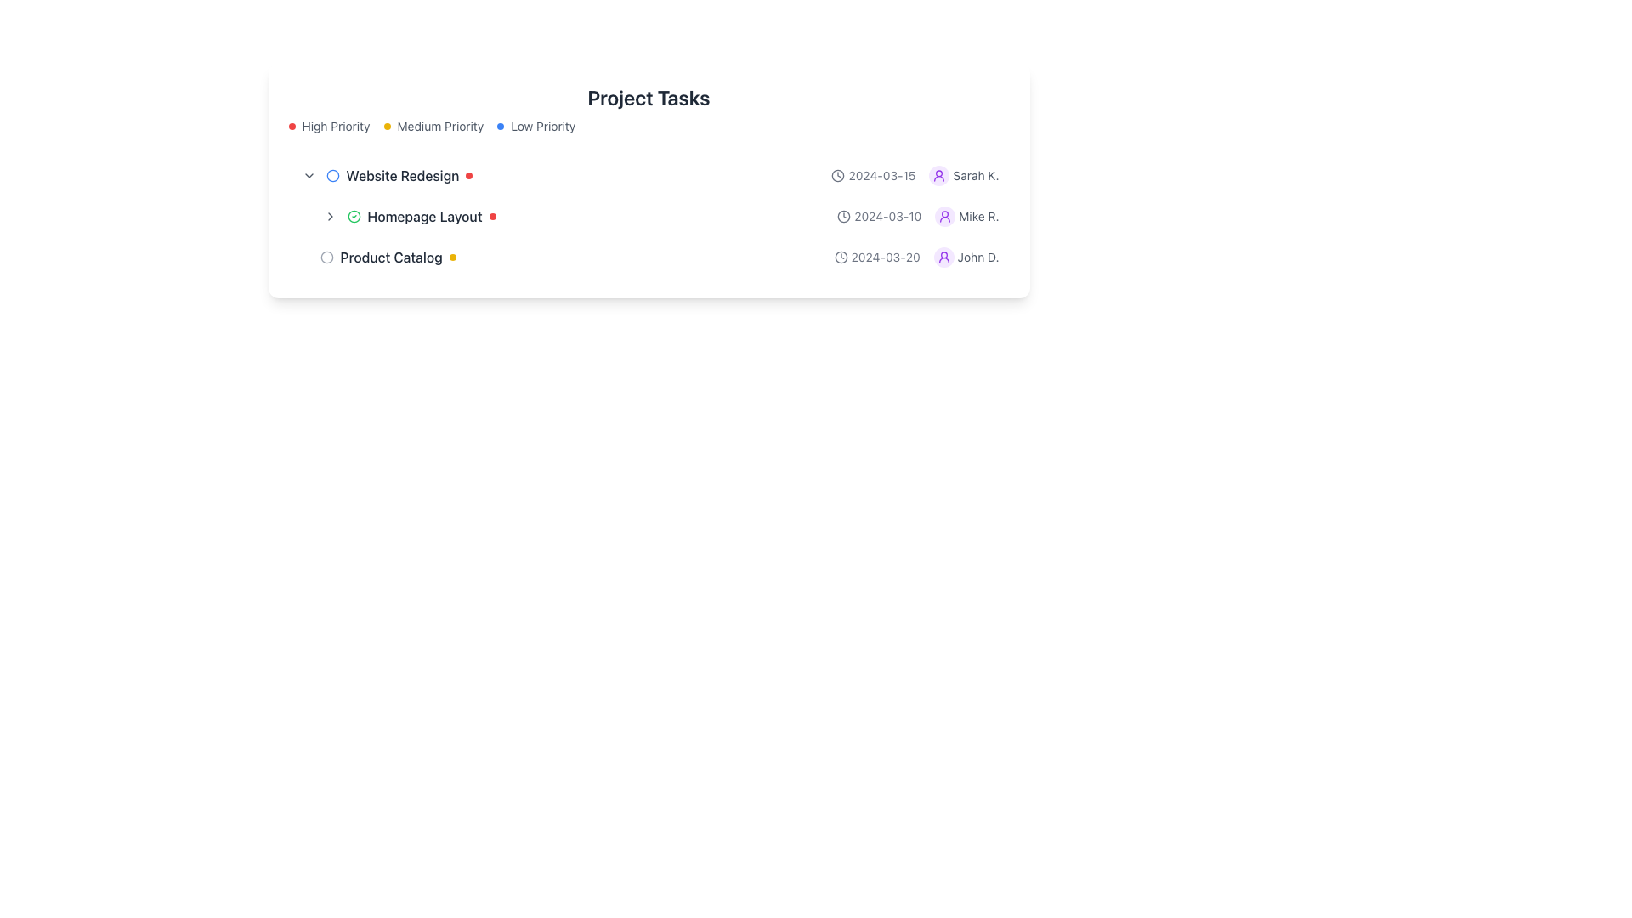 The width and height of the screenshot is (1632, 918). Describe the element at coordinates (873, 176) in the screenshot. I see `the date display element, which shows a date and is positioned in the upper-right quadrant, to the left of the name 'Sarah K.'` at that location.